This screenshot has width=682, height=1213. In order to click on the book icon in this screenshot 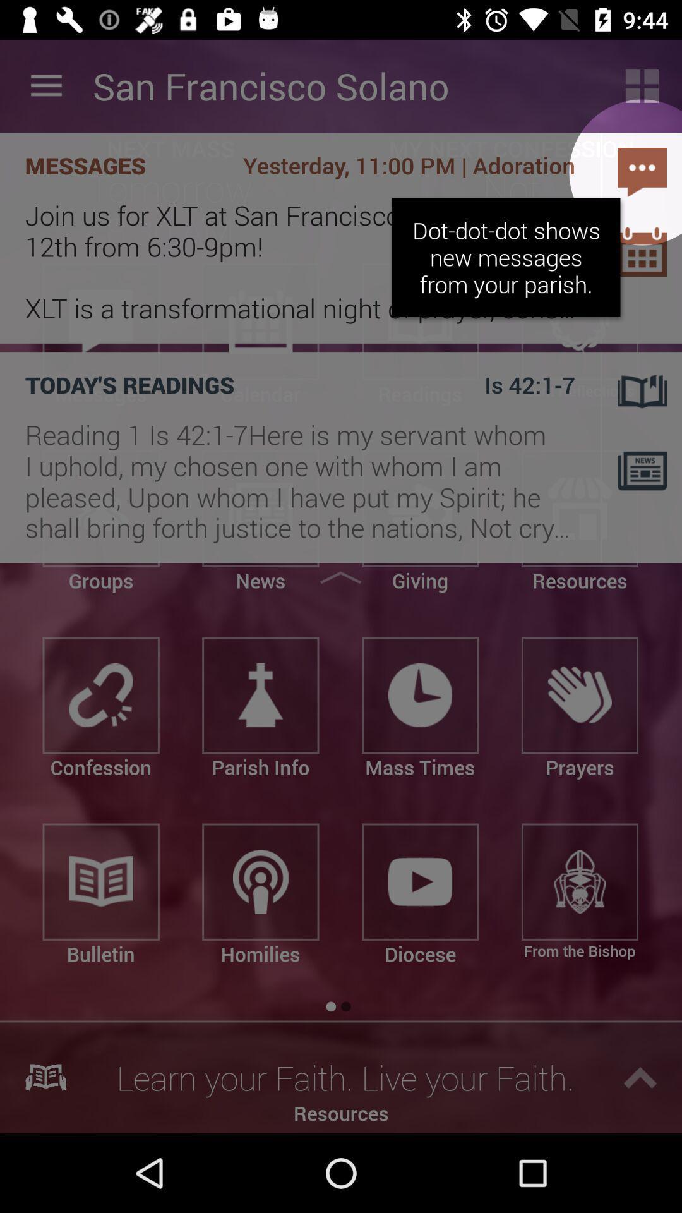, I will do `click(642, 391)`.